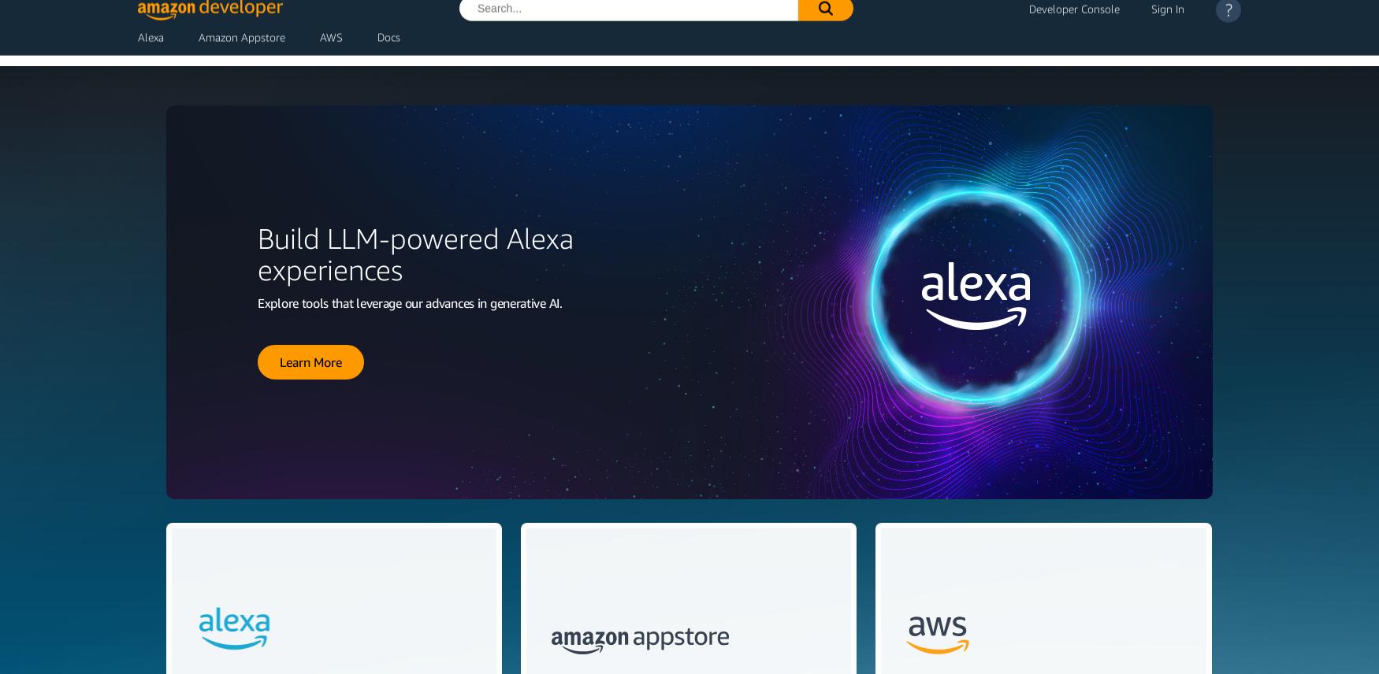  Describe the element at coordinates (1197, 50) in the screenshot. I see `'Support'` at that location.